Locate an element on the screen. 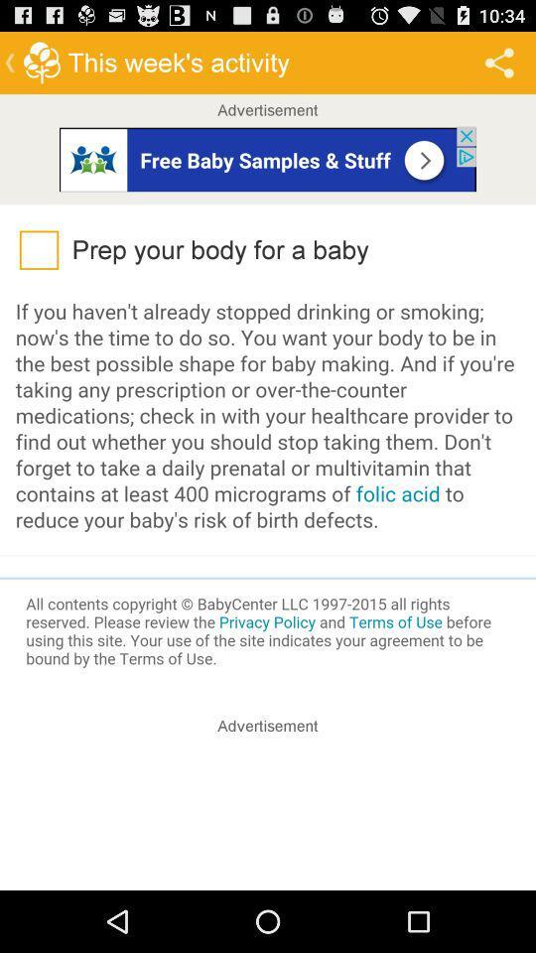  advertisement banner is located at coordinates (268, 157).